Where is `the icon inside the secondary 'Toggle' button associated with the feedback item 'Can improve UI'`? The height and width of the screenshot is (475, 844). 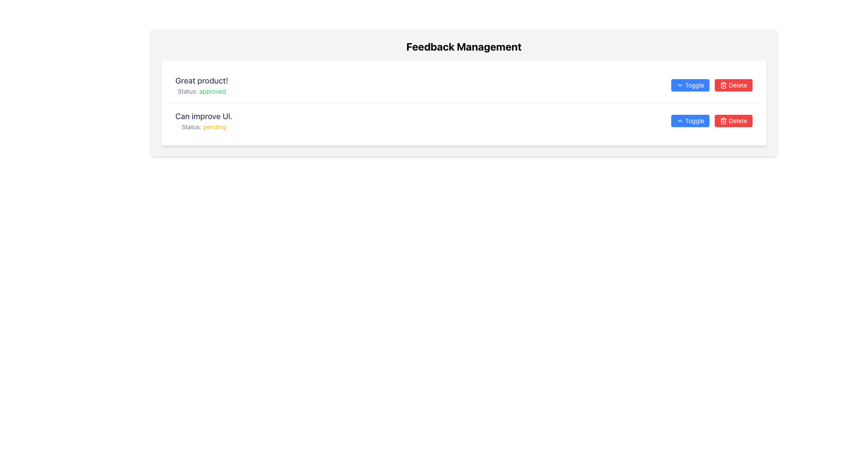 the icon inside the secondary 'Toggle' button associated with the feedback item 'Can improve UI' is located at coordinates (679, 121).